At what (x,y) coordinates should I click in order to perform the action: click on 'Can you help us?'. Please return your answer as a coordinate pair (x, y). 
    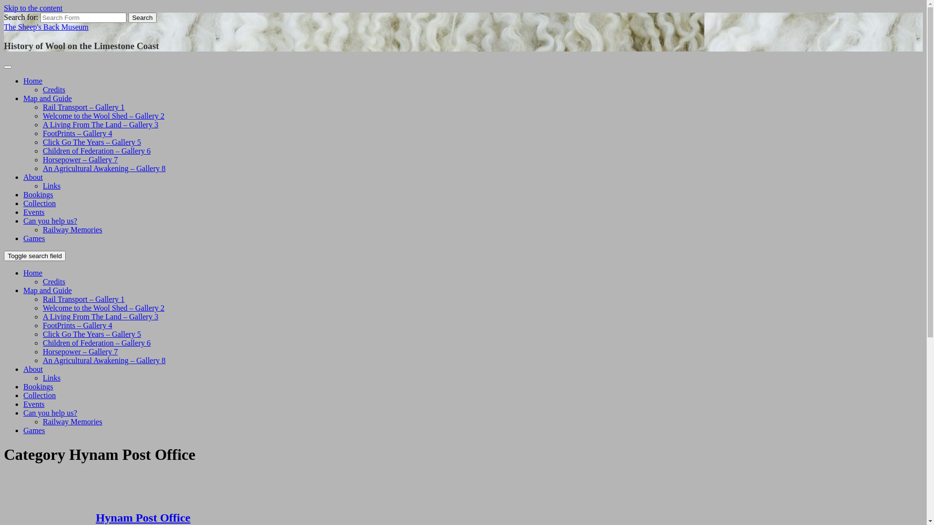
    Looking at the image, I should click on (23, 221).